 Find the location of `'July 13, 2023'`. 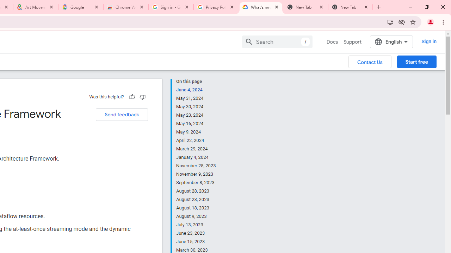

'July 13, 2023' is located at coordinates (196, 225).